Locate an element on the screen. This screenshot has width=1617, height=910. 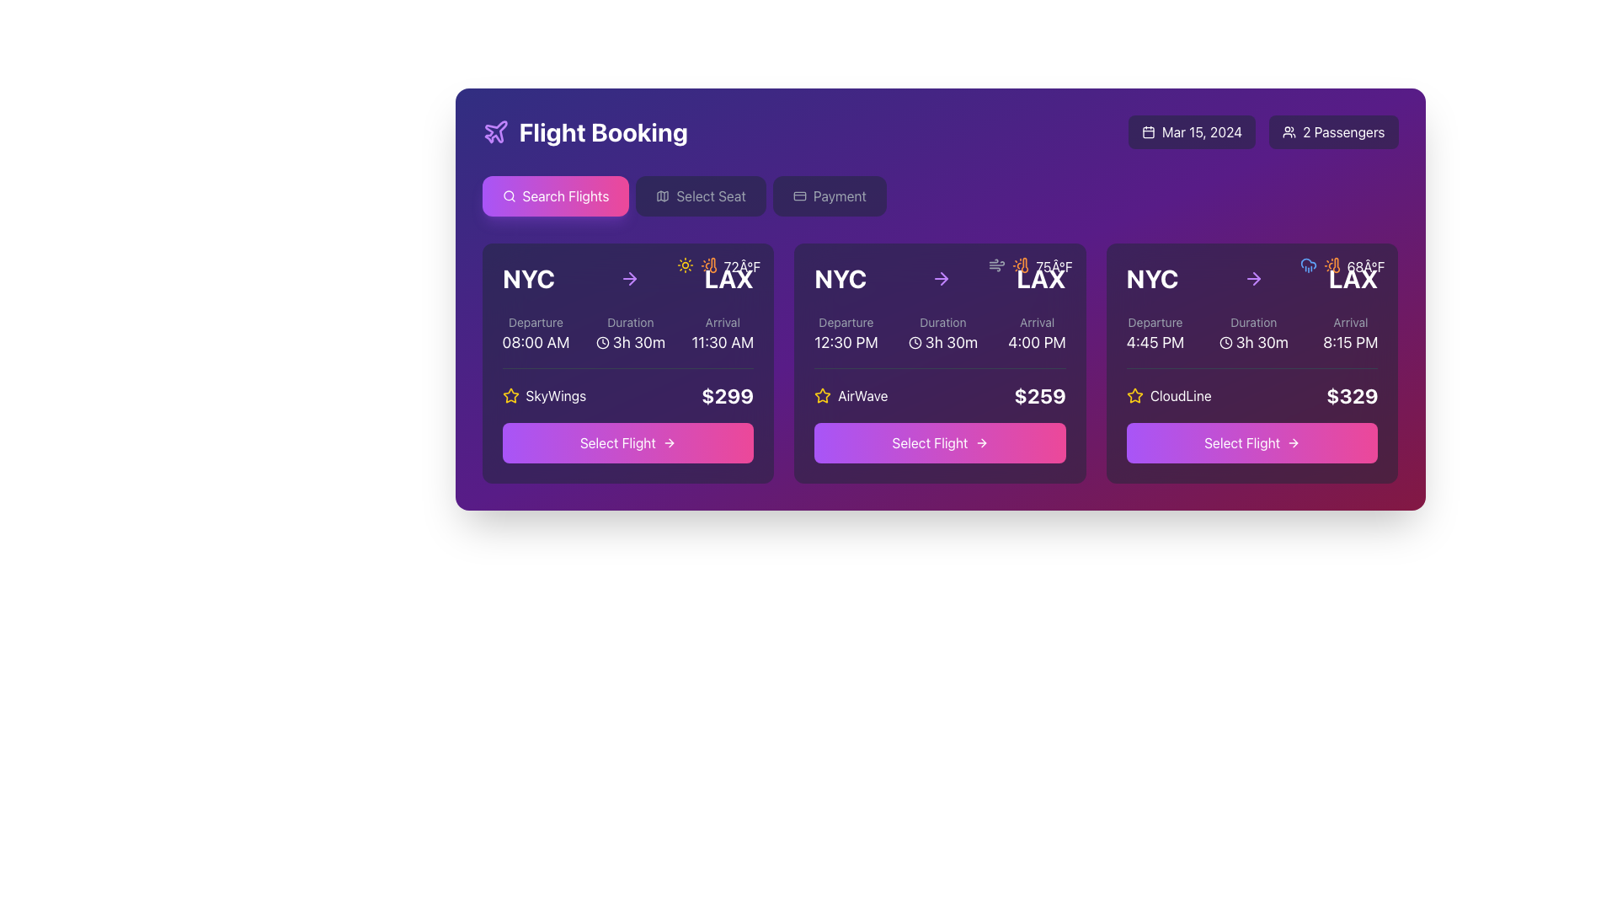
the text element displaying the temperature value '75°F', which is styled with white text on a purple background and located on the right side of the middle card in a row of flight options is located at coordinates (1054, 265).